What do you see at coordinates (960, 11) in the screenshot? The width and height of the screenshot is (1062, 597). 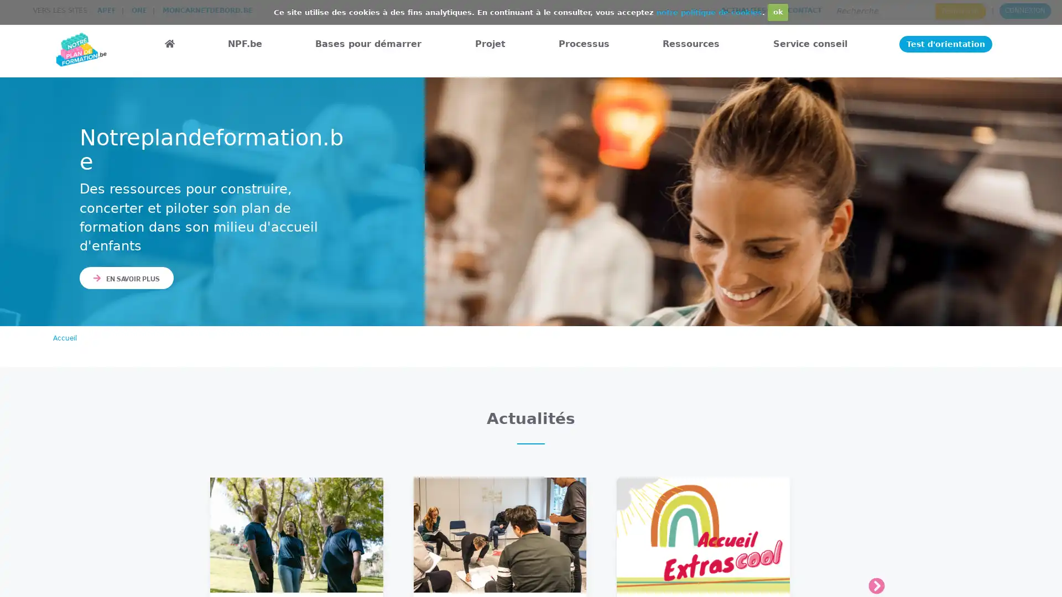 I see `Rechercher` at bounding box center [960, 11].